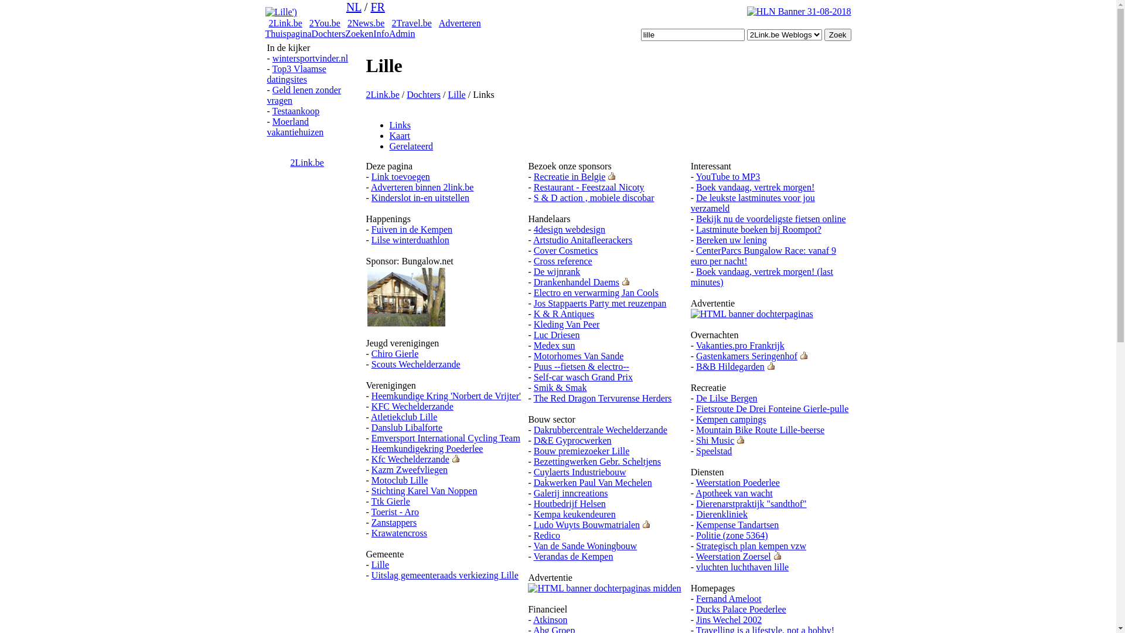 The width and height of the screenshot is (1125, 633). I want to click on 'Admin', so click(388, 33).